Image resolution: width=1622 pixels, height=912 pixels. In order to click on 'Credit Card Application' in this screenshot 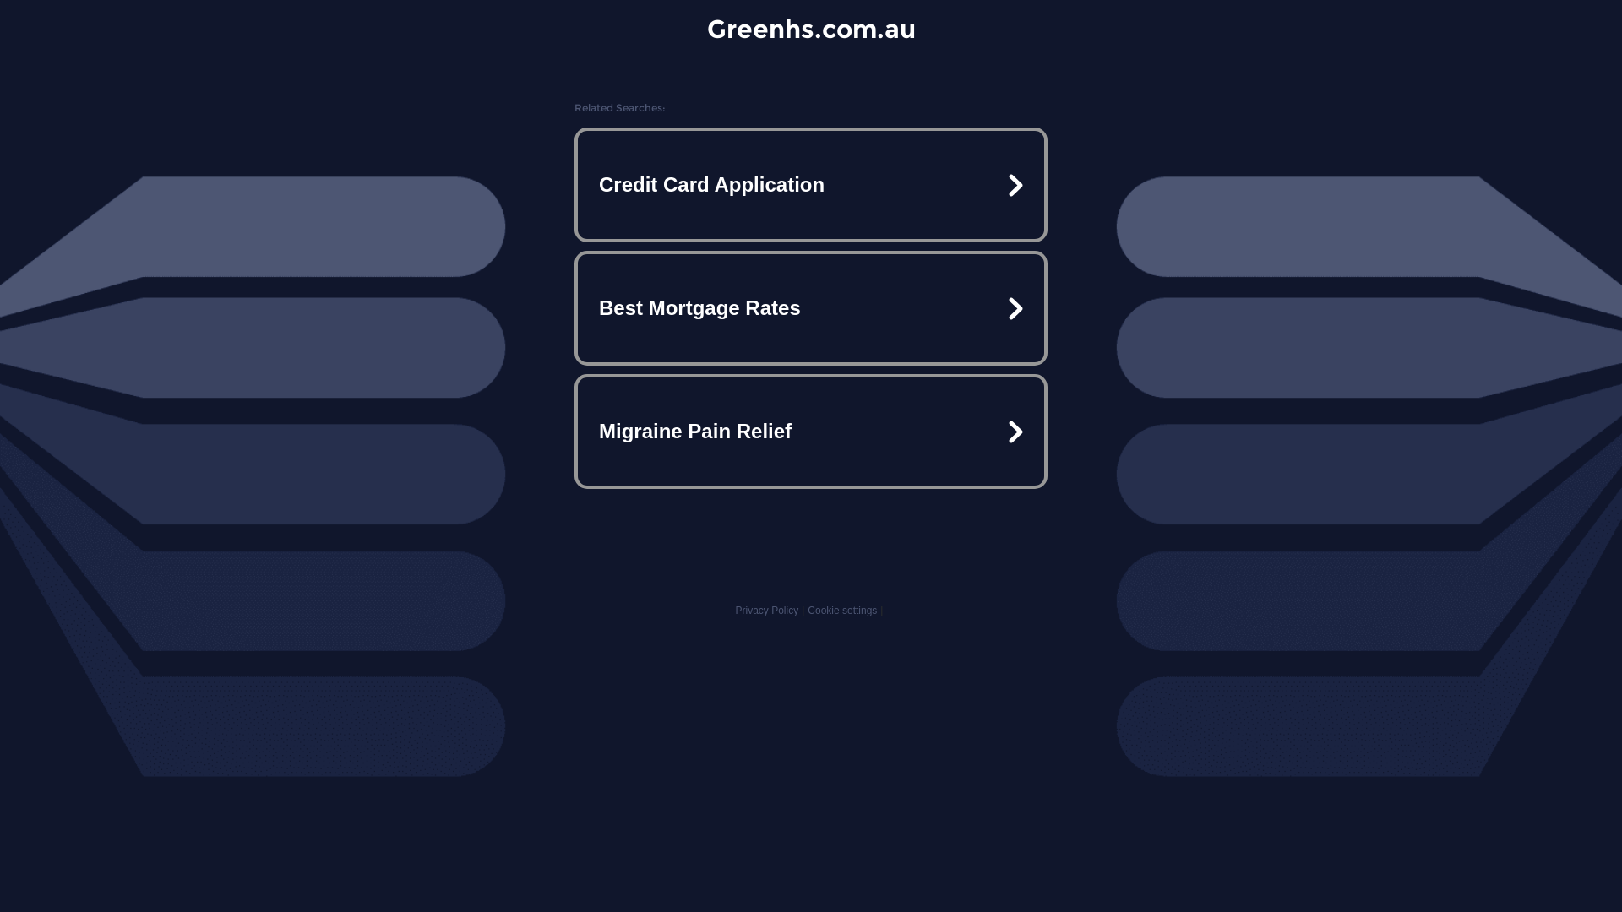, I will do `click(811, 185)`.